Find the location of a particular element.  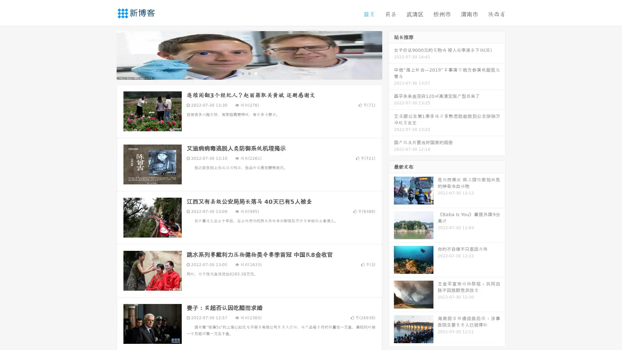

Go to slide 3 is located at coordinates (256, 73).